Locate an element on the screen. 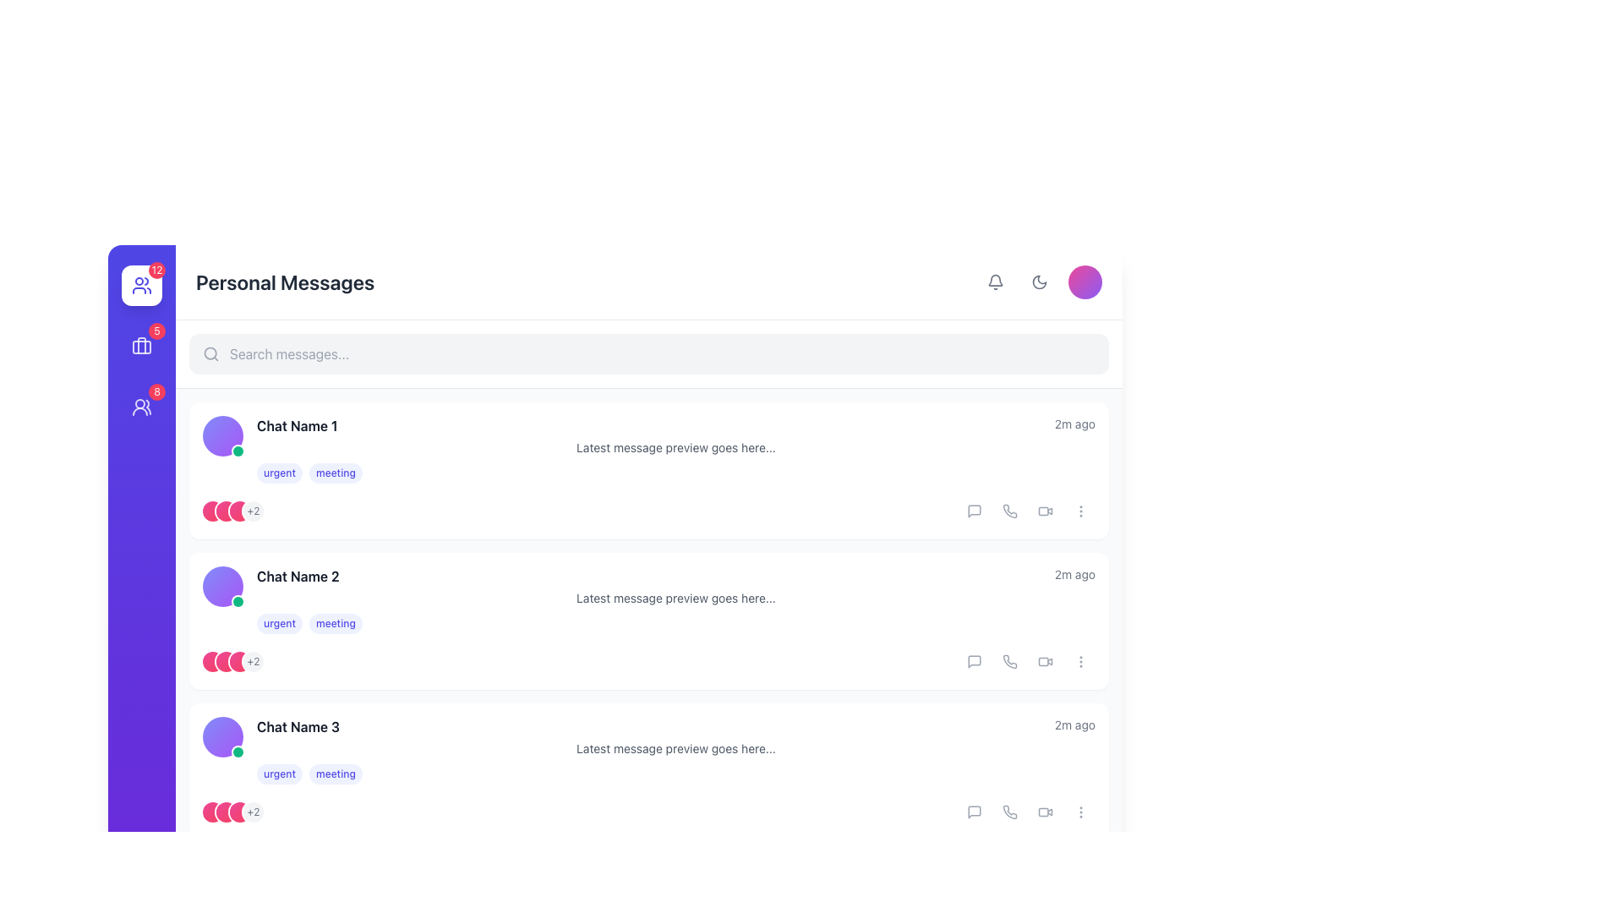 This screenshot has height=913, width=1623. the phone icon located is located at coordinates (1010, 811).